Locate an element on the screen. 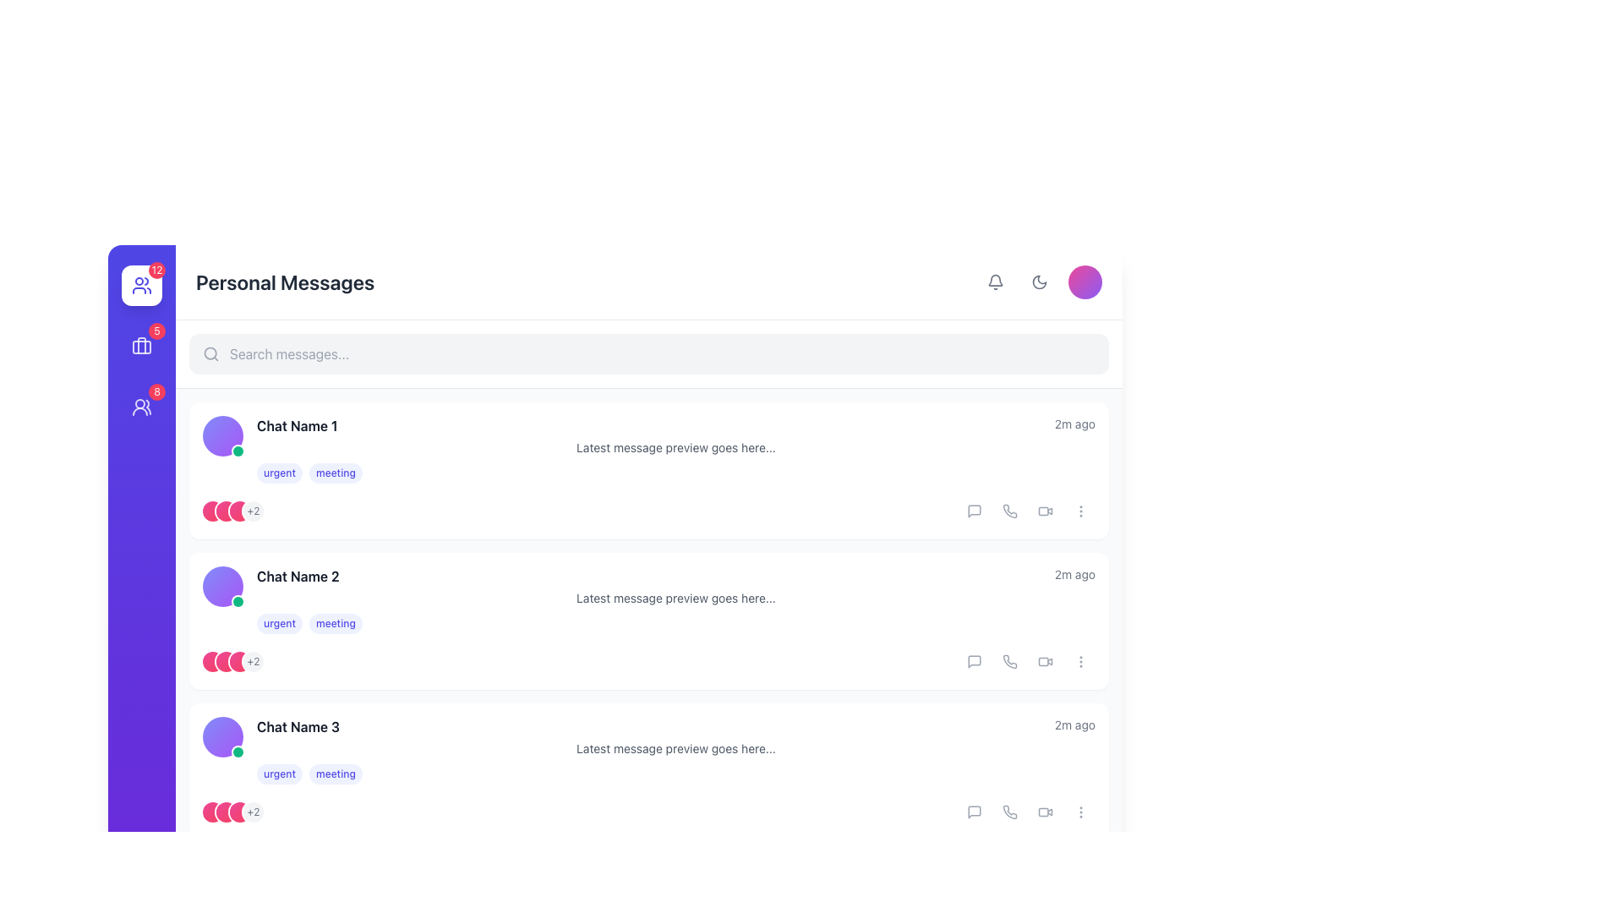 This screenshot has height=913, width=1623. the phone icon located is located at coordinates (1010, 811).